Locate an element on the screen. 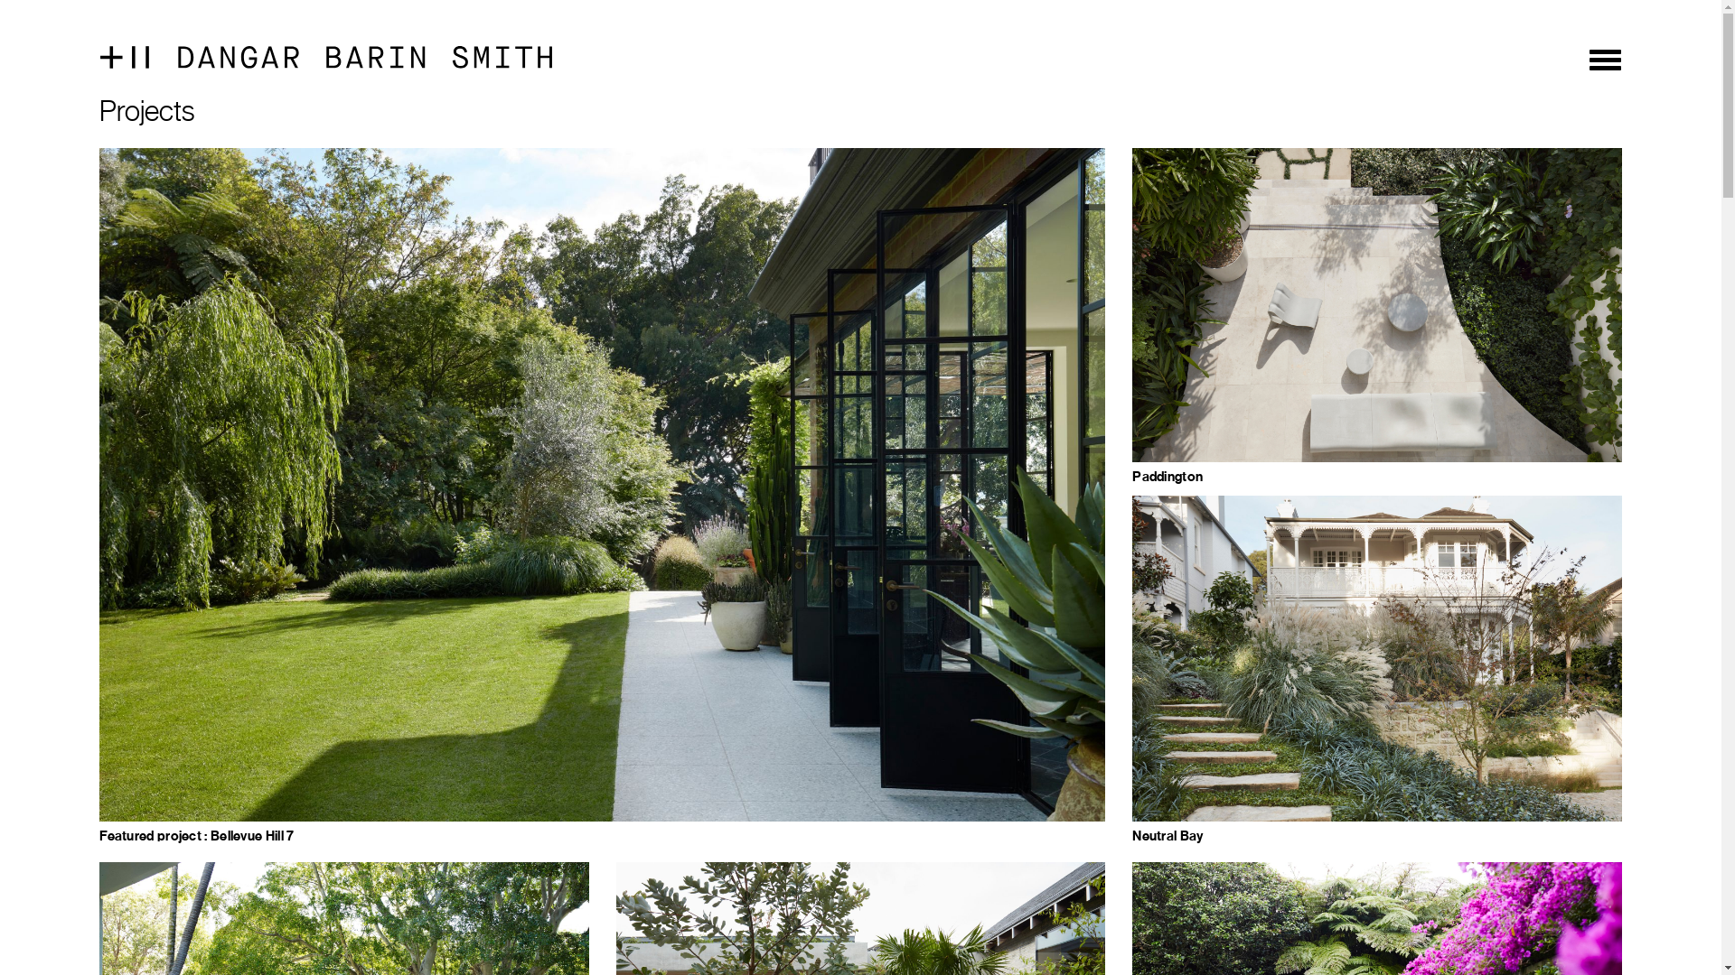 The image size is (1735, 975). 'Toggle navigation' is located at coordinates (1605, 59).